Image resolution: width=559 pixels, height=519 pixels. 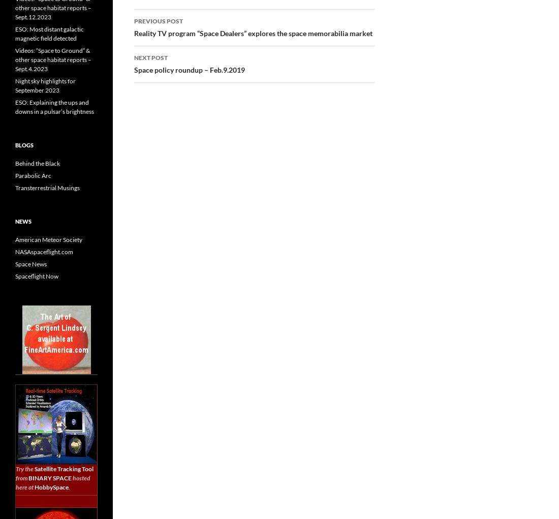 I want to click on 'Transterrestrial Musings', so click(x=47, y=188).